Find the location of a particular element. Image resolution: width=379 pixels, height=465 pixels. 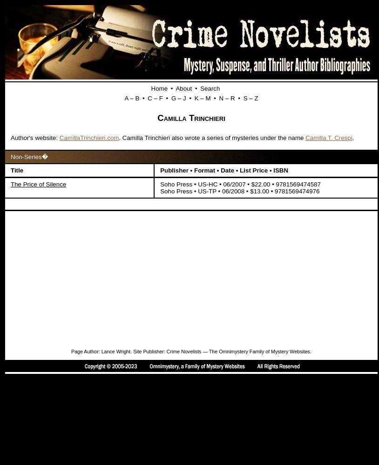

'Title' is located at coordinates (10, 170).